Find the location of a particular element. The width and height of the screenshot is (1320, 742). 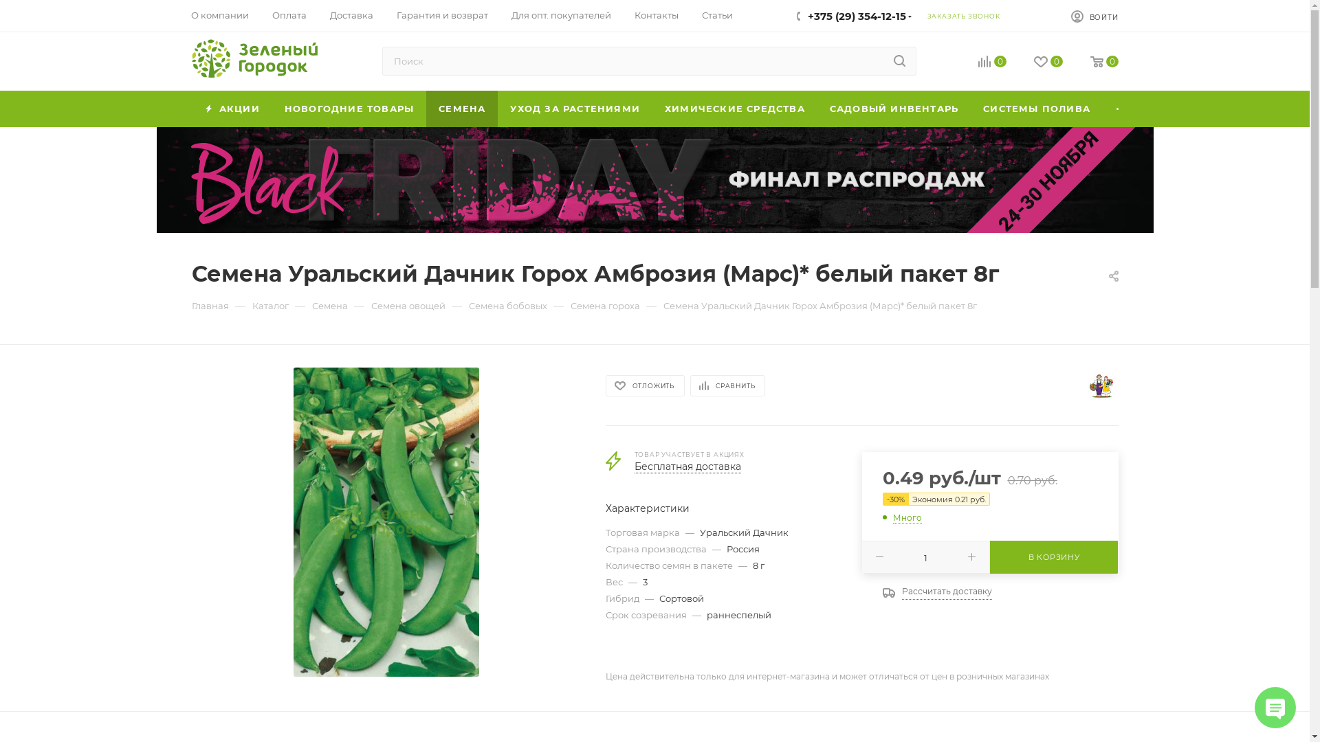

'0' is located at coordinates (991, 63).